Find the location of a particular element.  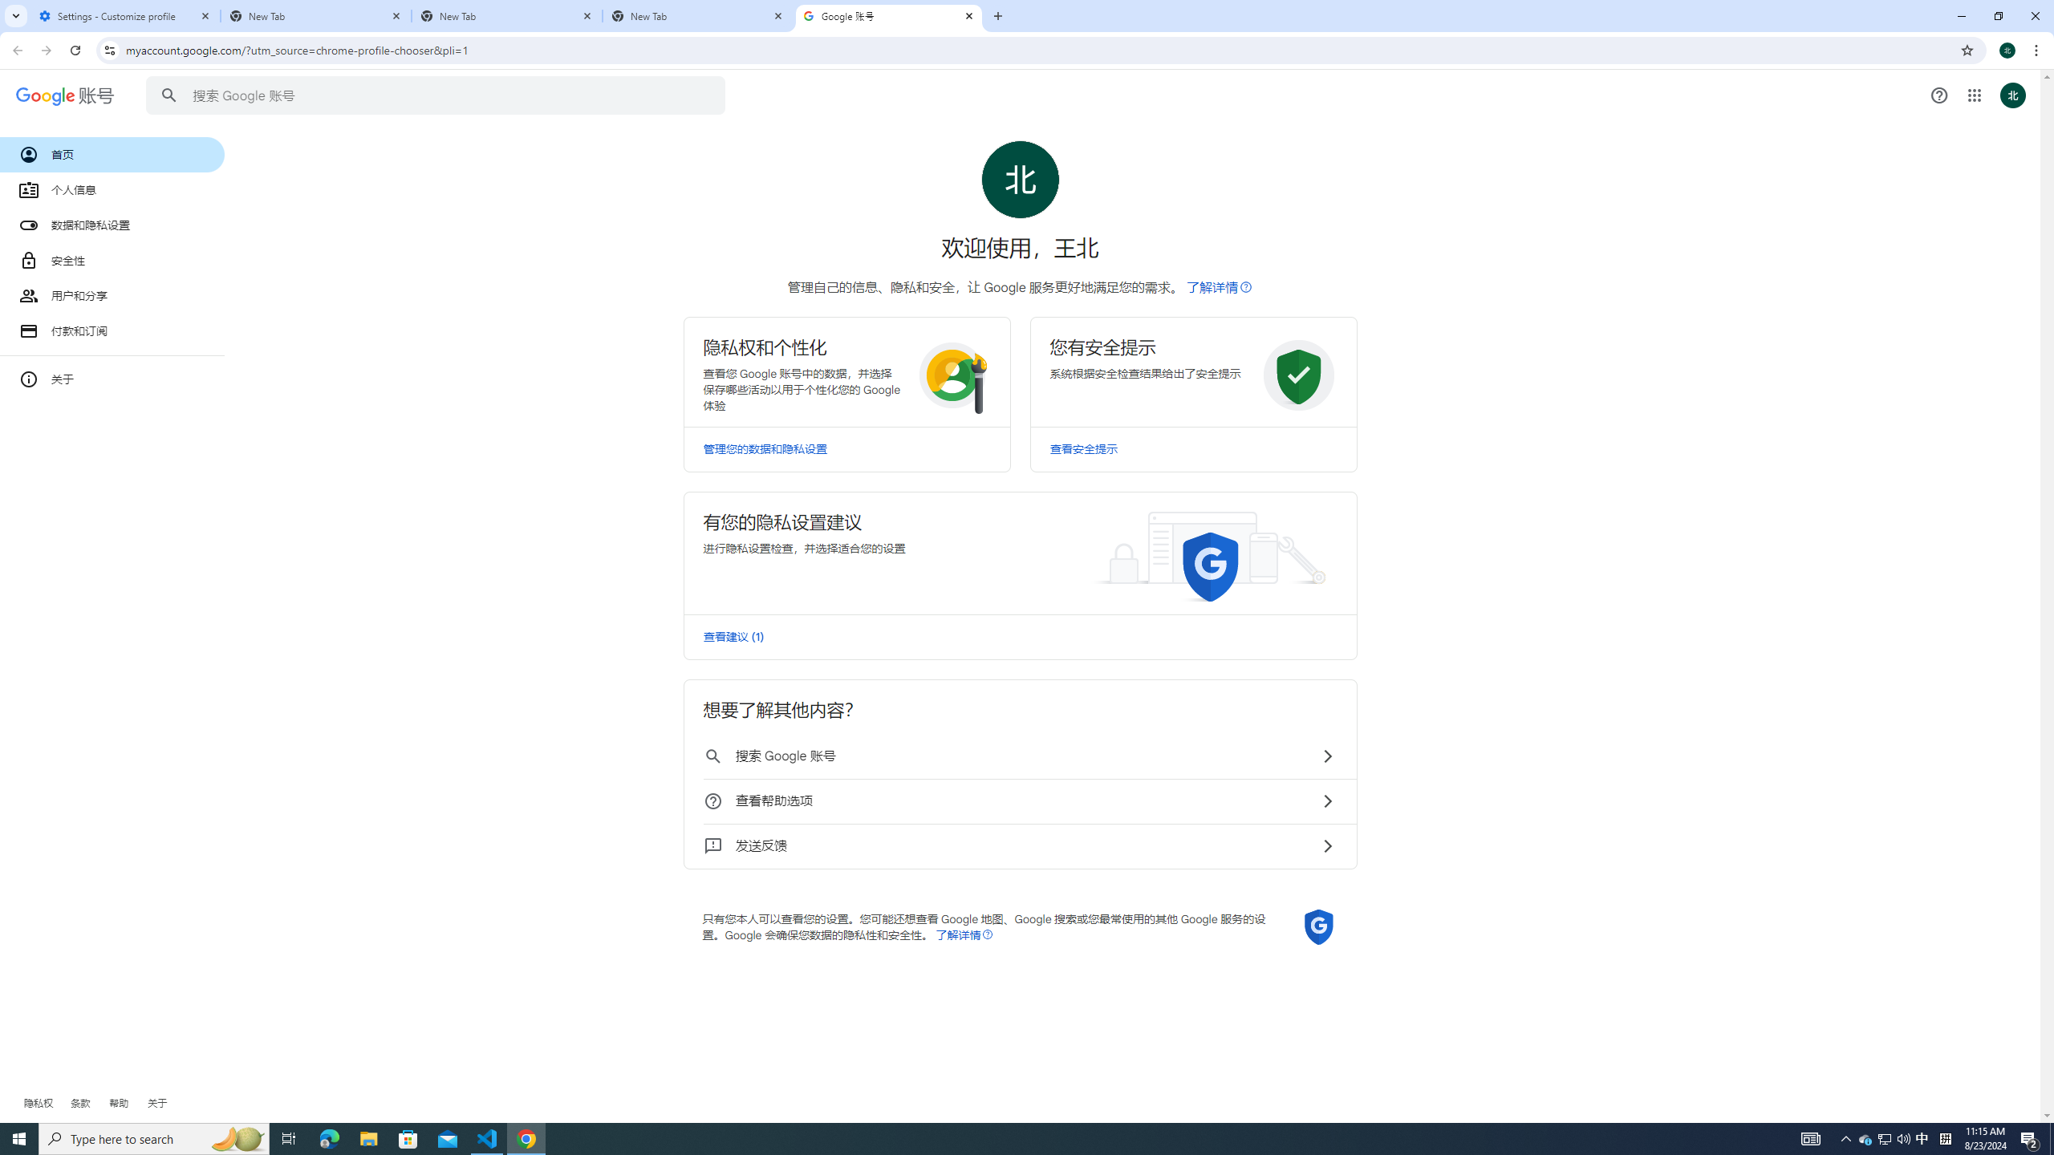

'System' is located at coordinates (9, 7).